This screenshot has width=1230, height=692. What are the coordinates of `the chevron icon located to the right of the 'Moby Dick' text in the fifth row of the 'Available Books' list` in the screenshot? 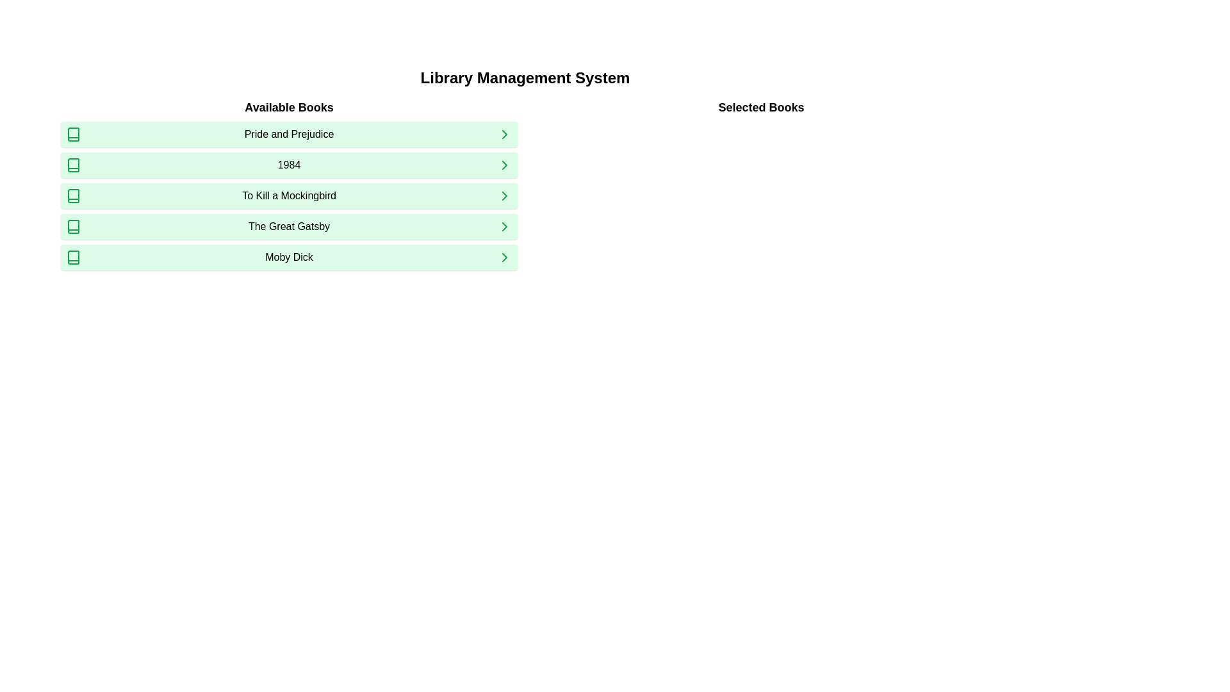 It's located at (504, 226).